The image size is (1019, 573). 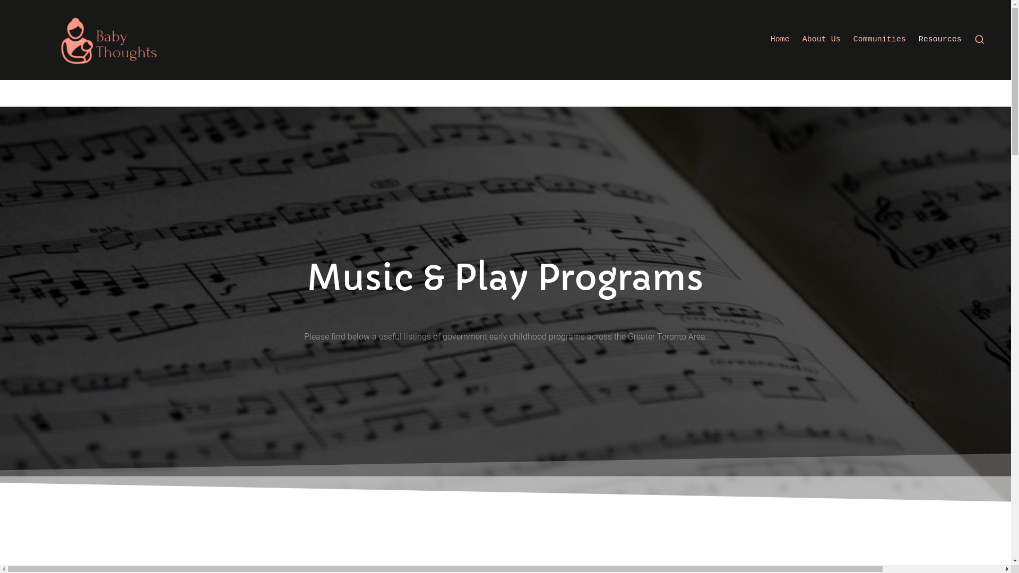 What do you see at coordinates (780, 39) in the screenshot?
I see `'Home'` at bounding box center [780, 39].